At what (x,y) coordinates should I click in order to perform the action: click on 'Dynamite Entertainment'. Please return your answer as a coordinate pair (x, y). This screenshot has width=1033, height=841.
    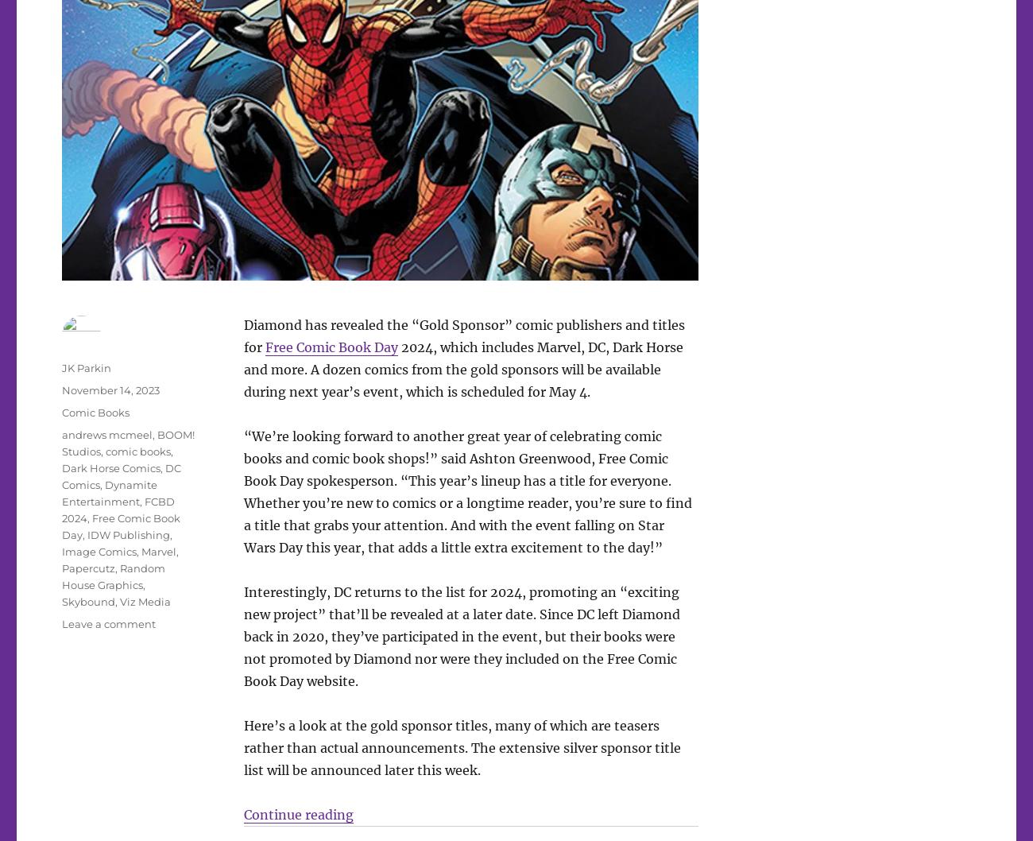
    Looking at the image, I should click on (109, 492).